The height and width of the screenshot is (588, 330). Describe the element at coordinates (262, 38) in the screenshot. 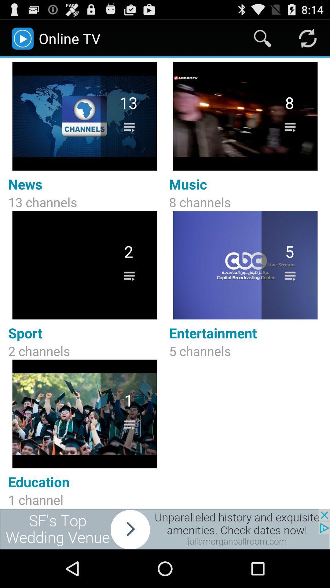

I see `search option` at that location.